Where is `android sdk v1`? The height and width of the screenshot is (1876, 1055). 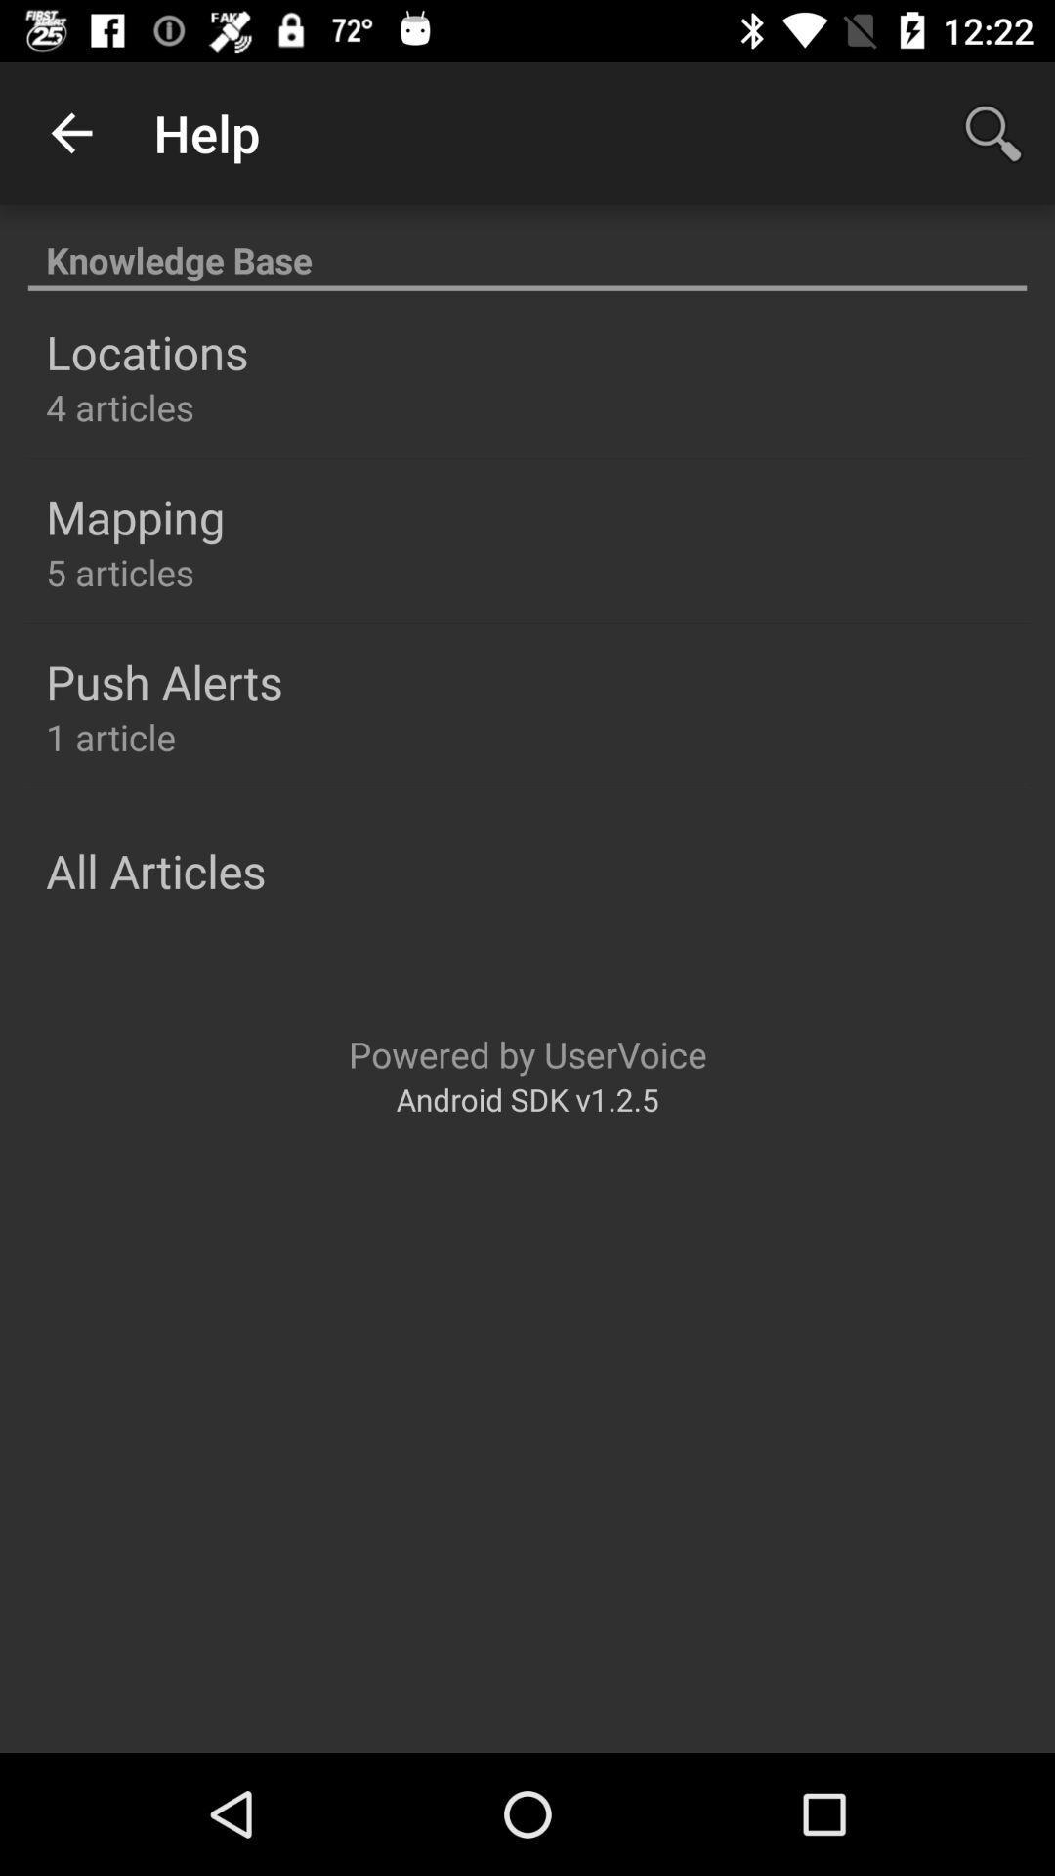 android sdk v1 is located at coordinates (527, 1099).